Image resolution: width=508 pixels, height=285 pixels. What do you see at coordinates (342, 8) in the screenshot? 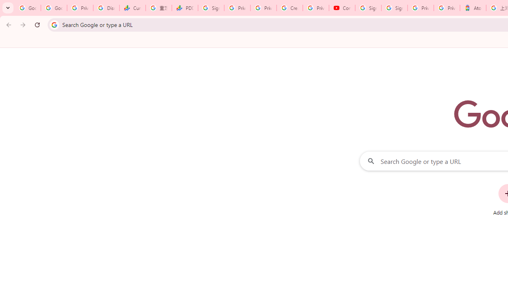
I see `'Content Creator Programs & Opportunities - YouTube Creators'` at bounding box center [342, 8].